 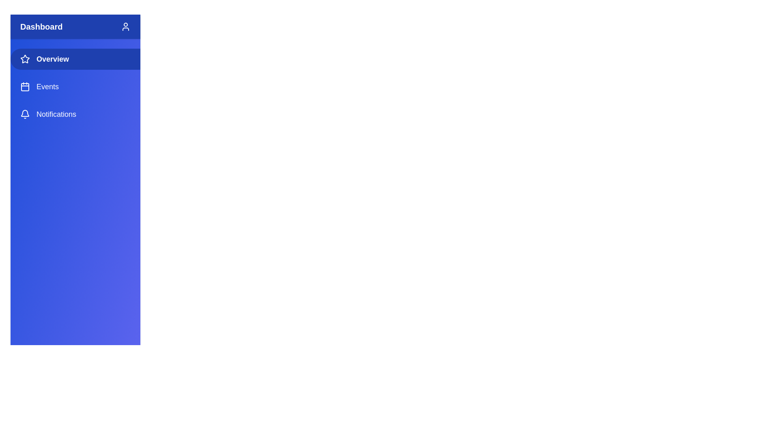 What do you see at coordinates (75, 86) in the screenshot?
I see `the sidebar section Events` at bounding box center [75, 86].